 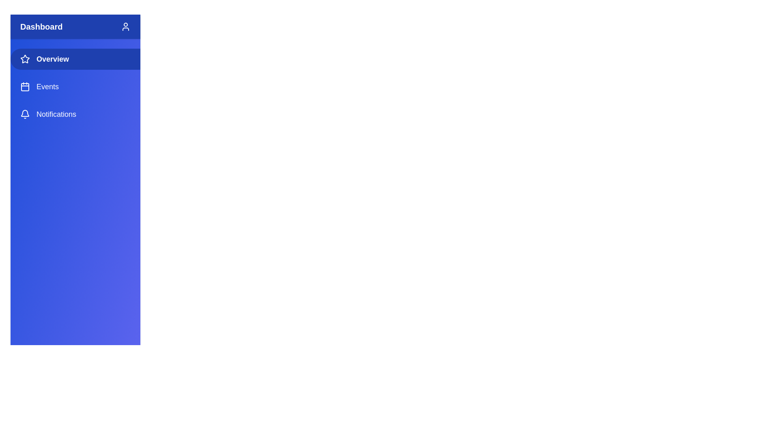 What do you see at coordinates (75, 86) in the screenshot?
I see `the sidebar section Events` at bounding box center [75, 86].